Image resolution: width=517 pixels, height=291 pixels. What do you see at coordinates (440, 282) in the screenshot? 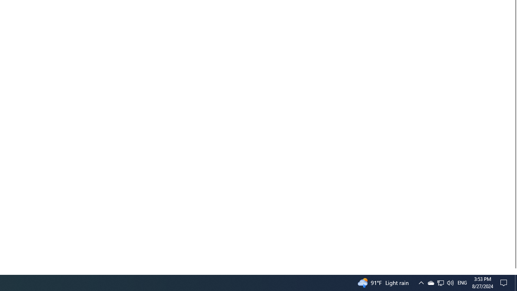
I see `'Q2790: 100%'` at bounding box center [440, 282].